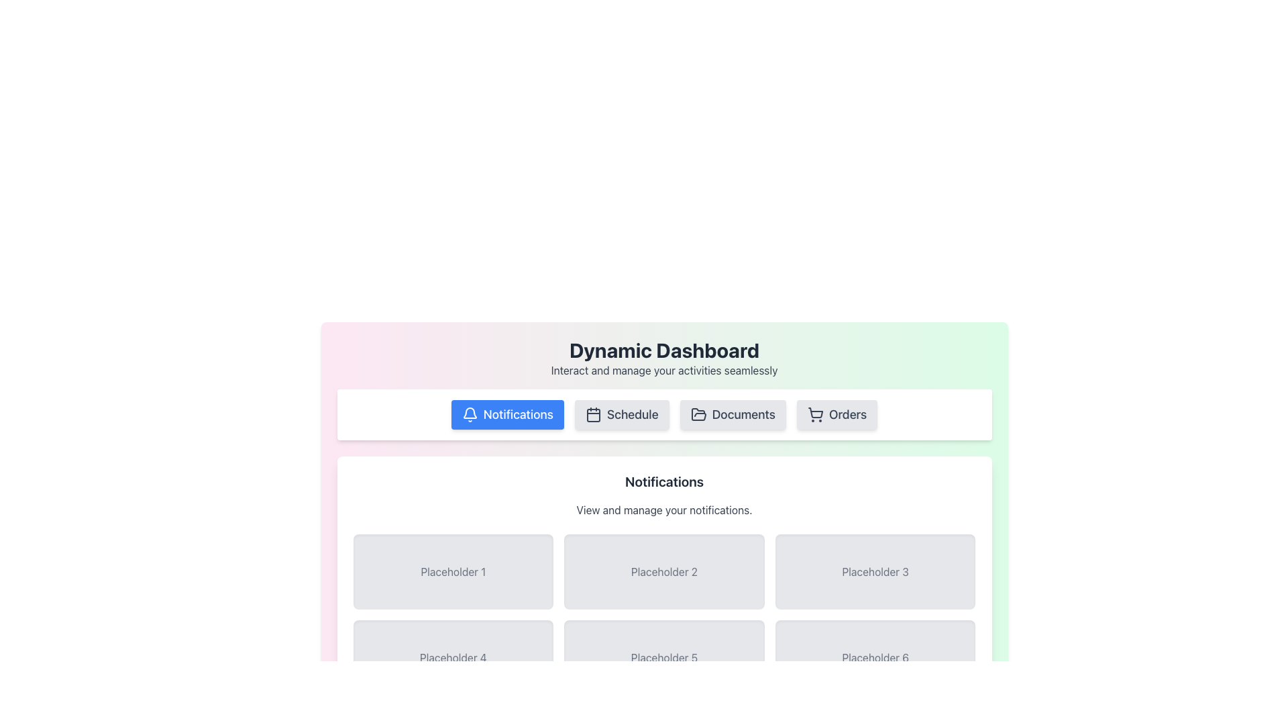 The height and width of the screenshot is (725, 1288). What do you see at coordinates (664, 357) in the screenshot?
I see `the text block displaying 'Dynamic Dashboard' and its subtitle 'Interact and manage your activities seamlessly', which is centered at the top of the interface` at bounding box center [664, 357].